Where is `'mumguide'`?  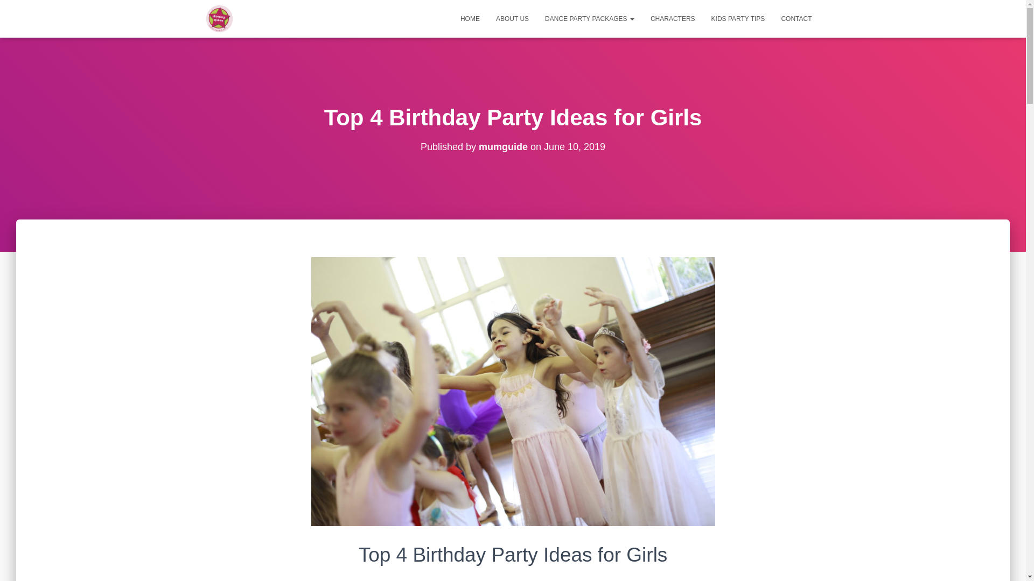
'mumguide' is located at coordinates (478, 147).